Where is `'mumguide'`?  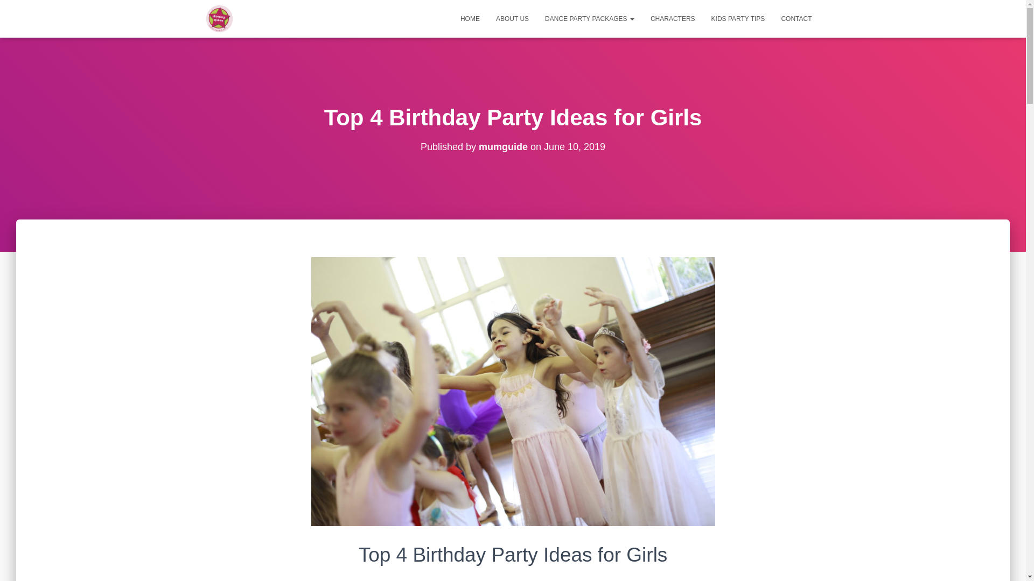
'mumguide' is located at coordinates (478, 147).